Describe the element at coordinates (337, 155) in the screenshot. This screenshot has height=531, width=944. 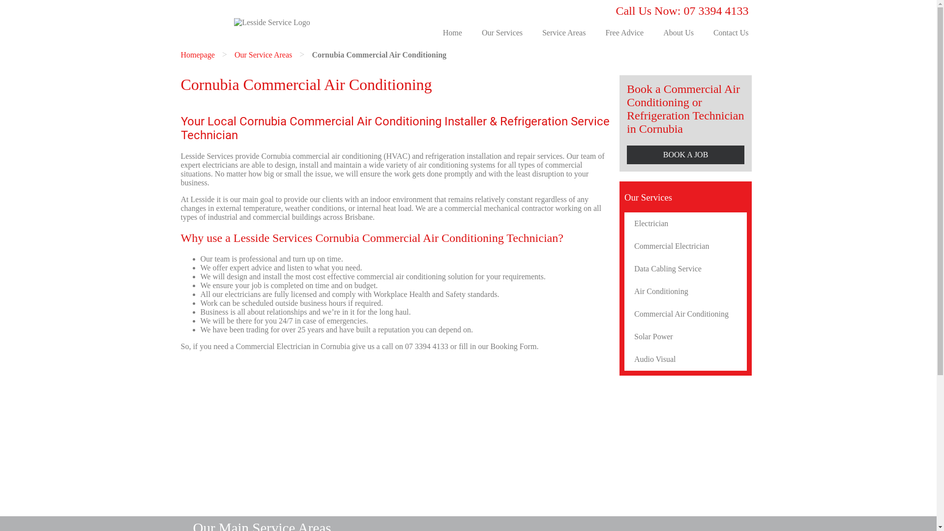
I see `'commercial air conditioning'` at that location.